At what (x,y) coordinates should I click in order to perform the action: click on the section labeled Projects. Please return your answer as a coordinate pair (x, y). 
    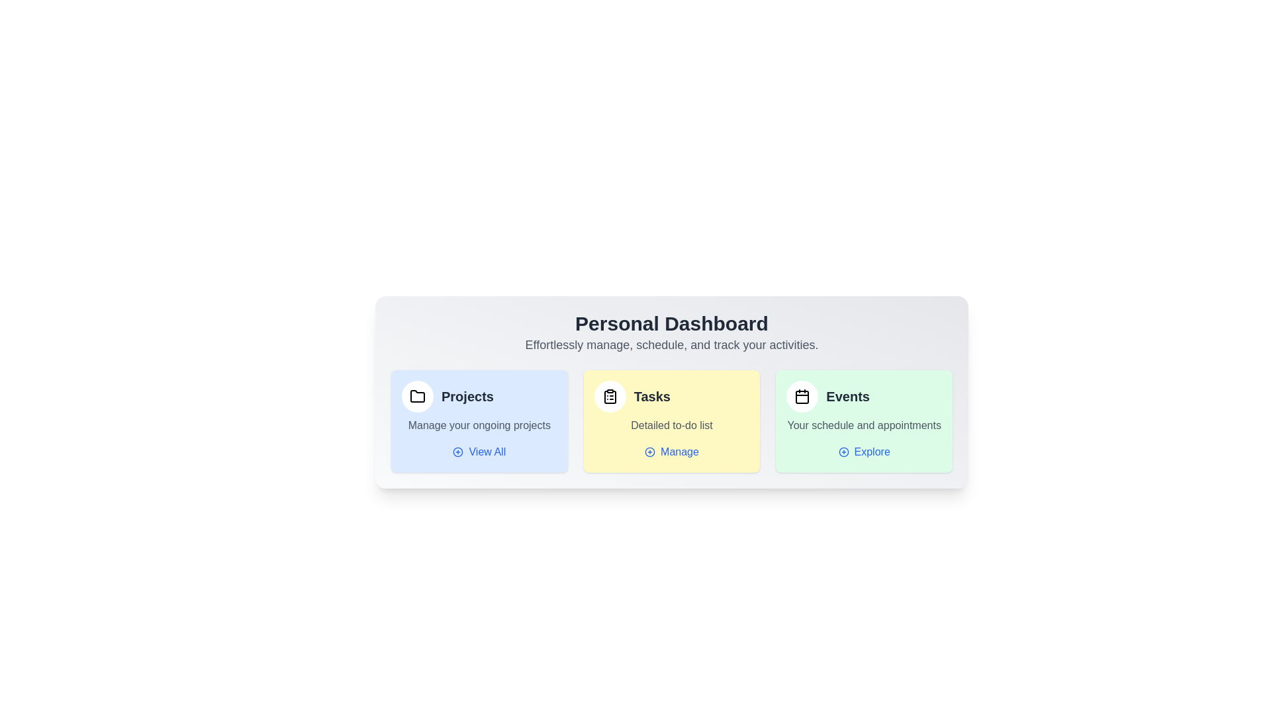
    Looking at the image, I should click on (479, 420).